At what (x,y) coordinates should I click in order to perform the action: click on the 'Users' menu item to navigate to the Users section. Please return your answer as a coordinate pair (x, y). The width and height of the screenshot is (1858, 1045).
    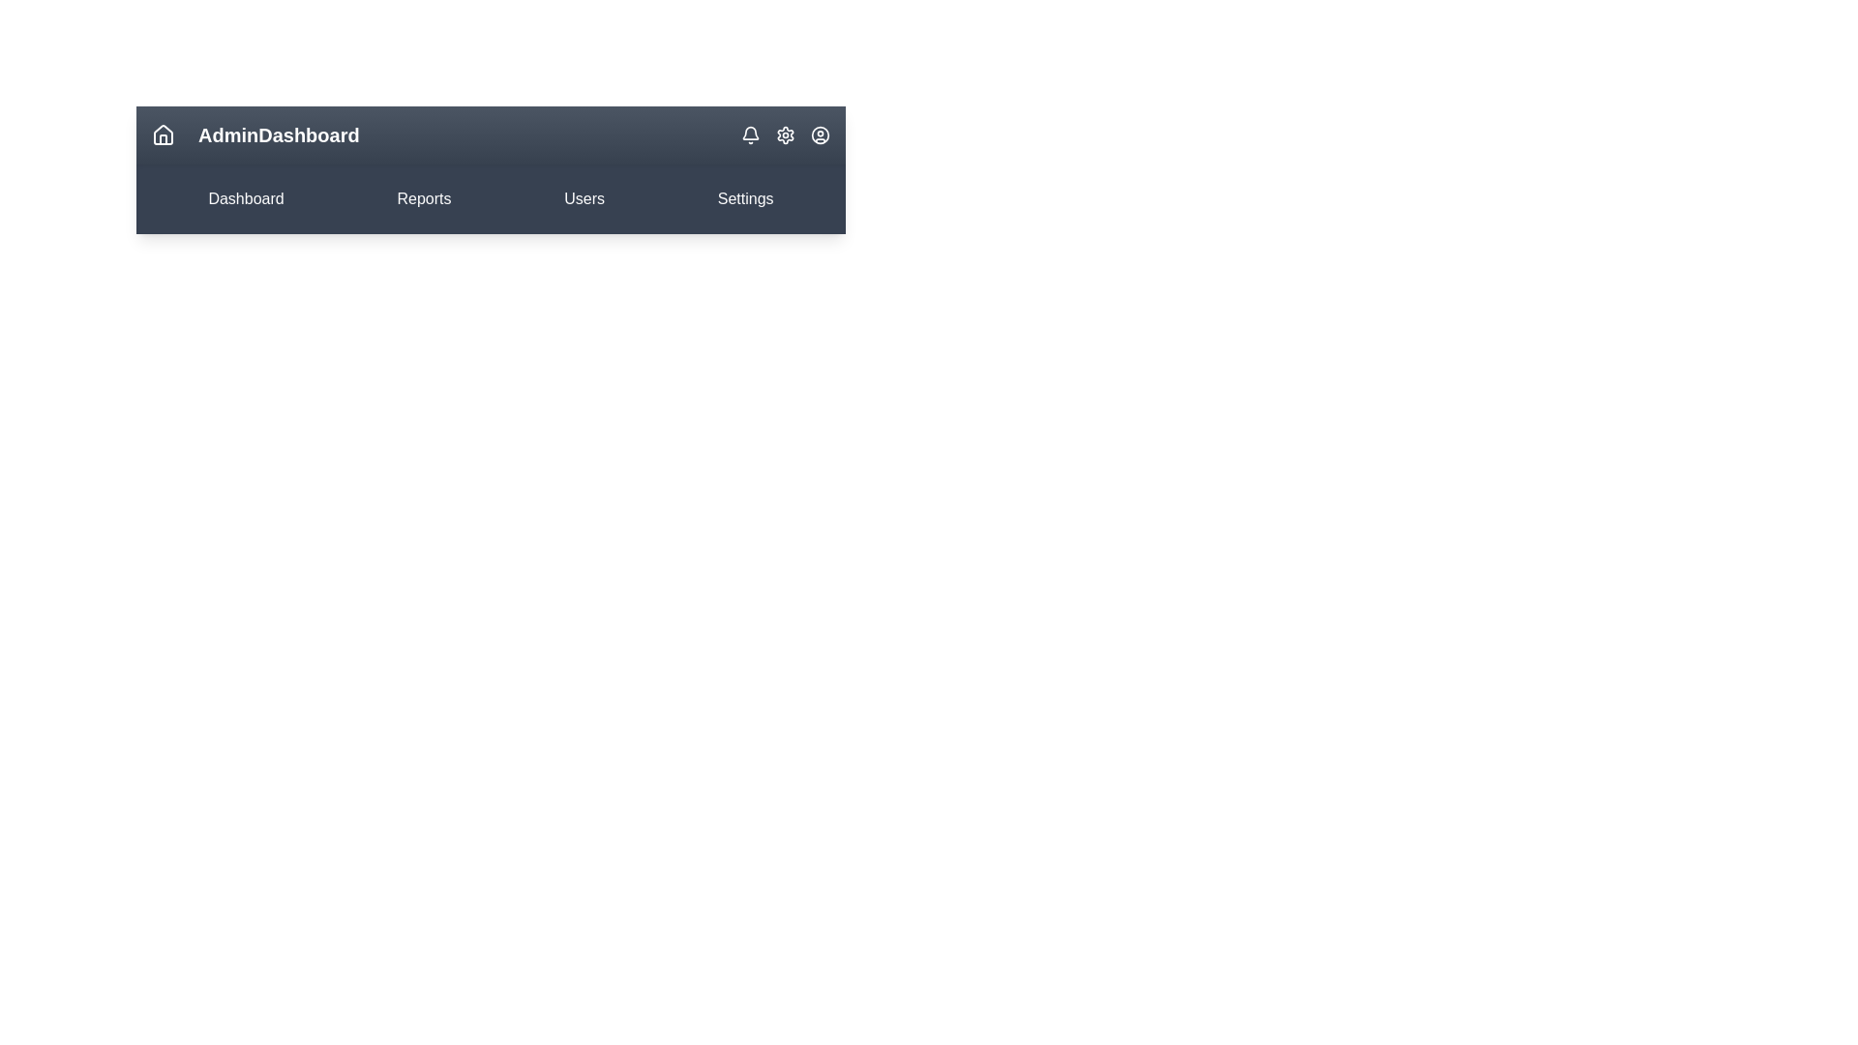
    Looking at the image, I should click on (584, 198).